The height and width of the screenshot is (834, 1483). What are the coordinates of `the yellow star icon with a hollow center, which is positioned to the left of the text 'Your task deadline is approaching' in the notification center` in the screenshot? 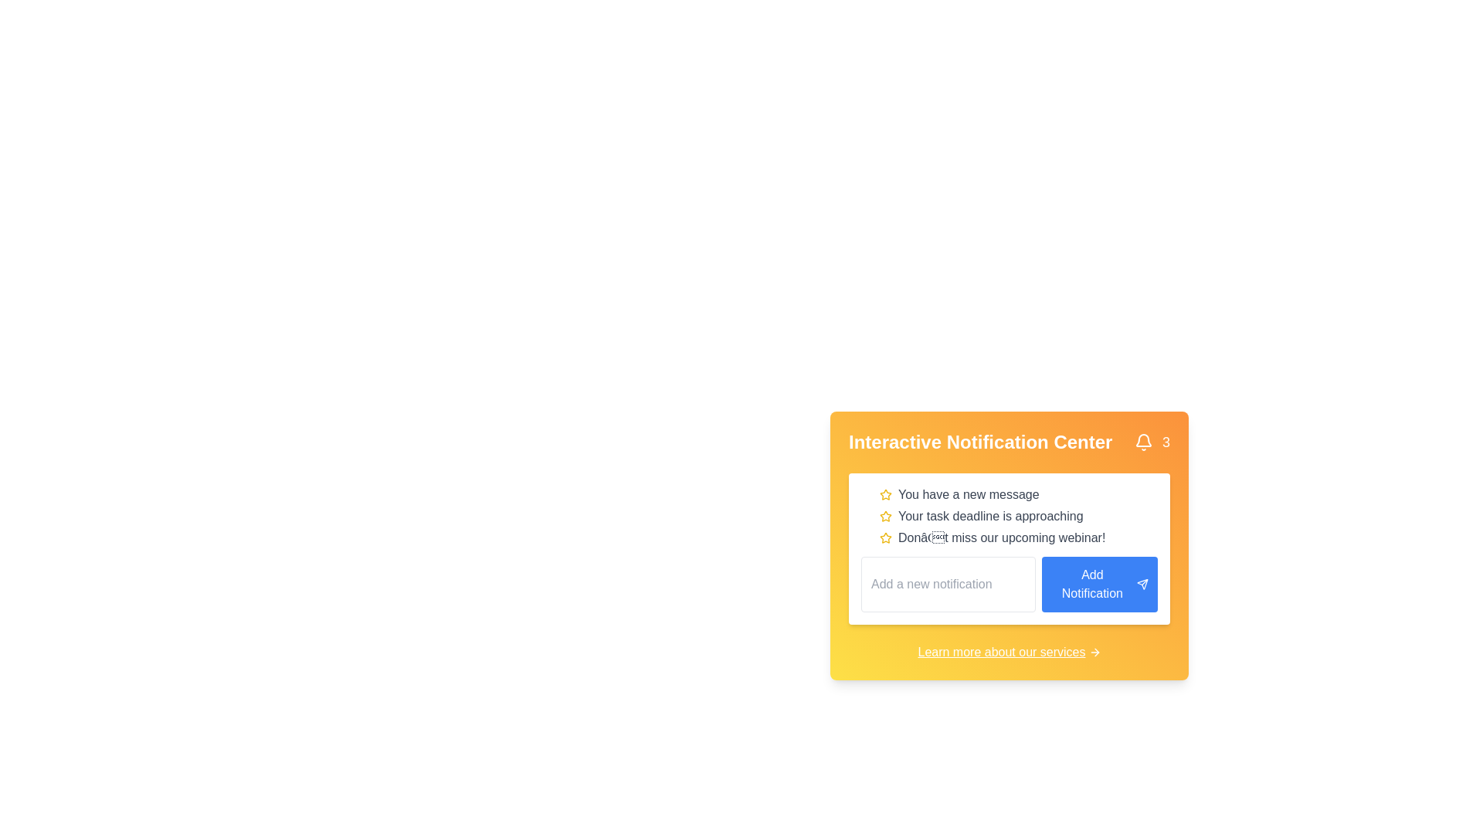 It's located at (886, 516).